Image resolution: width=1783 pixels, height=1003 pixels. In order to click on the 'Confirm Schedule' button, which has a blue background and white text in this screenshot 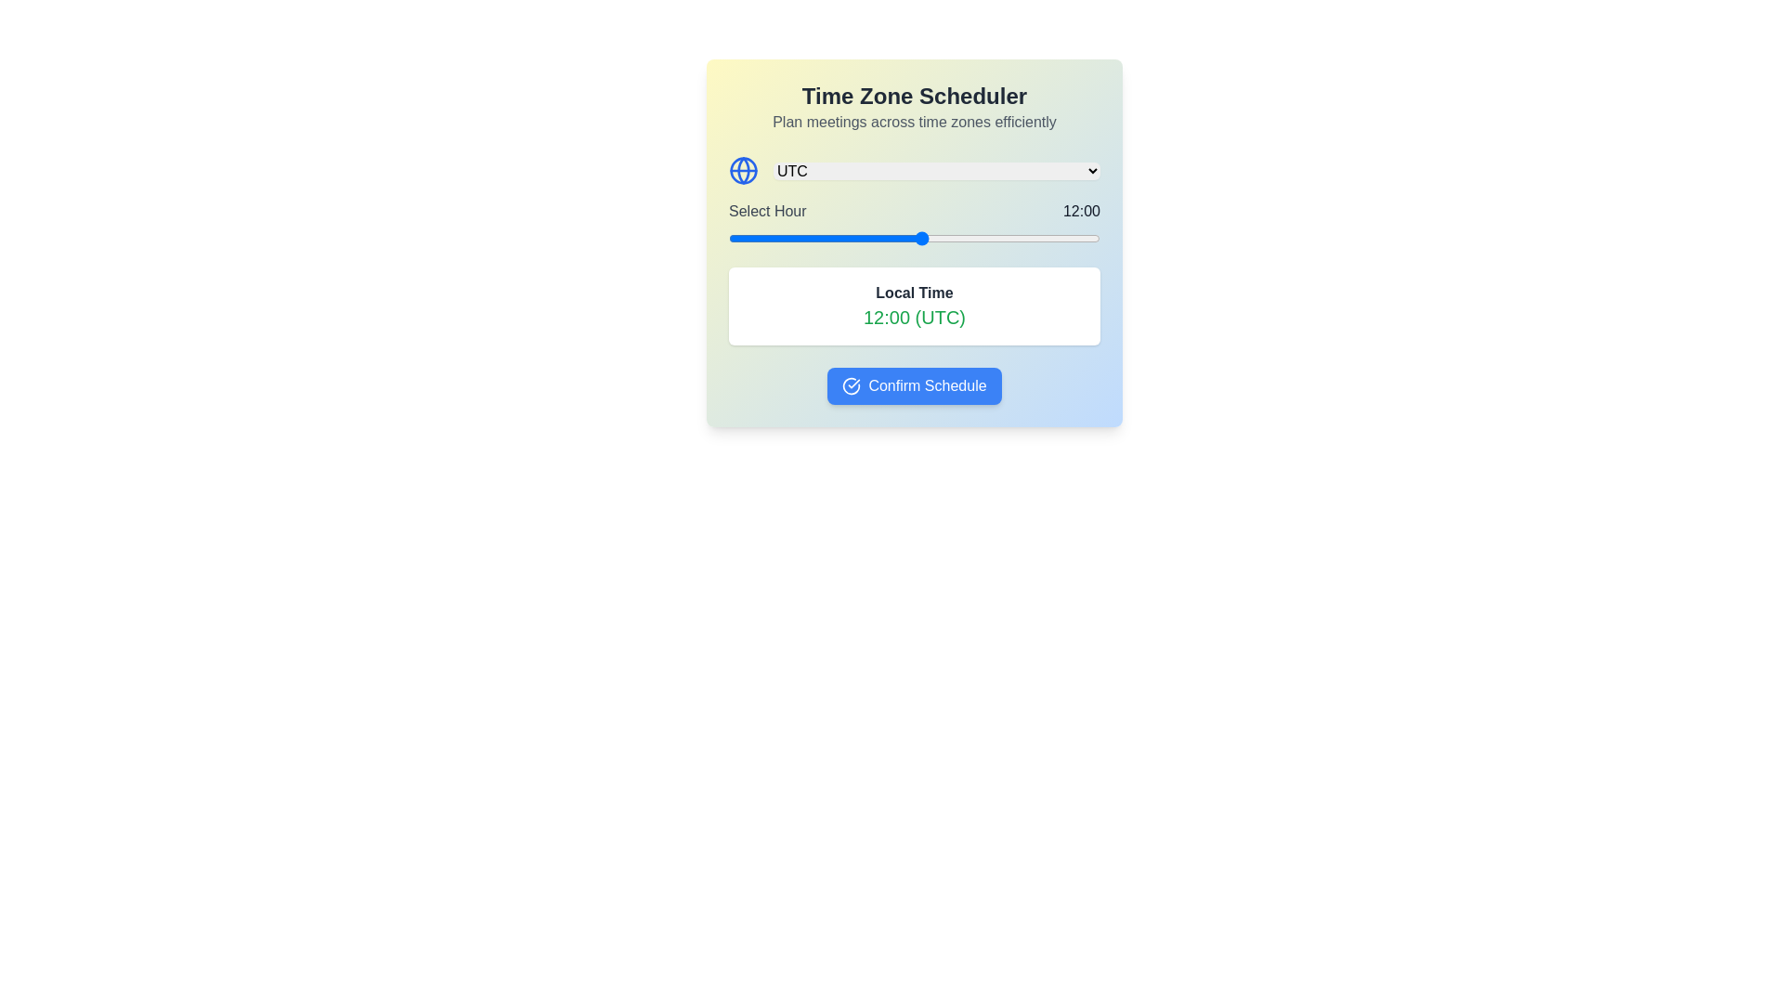, I will do `click(914, 385)`.